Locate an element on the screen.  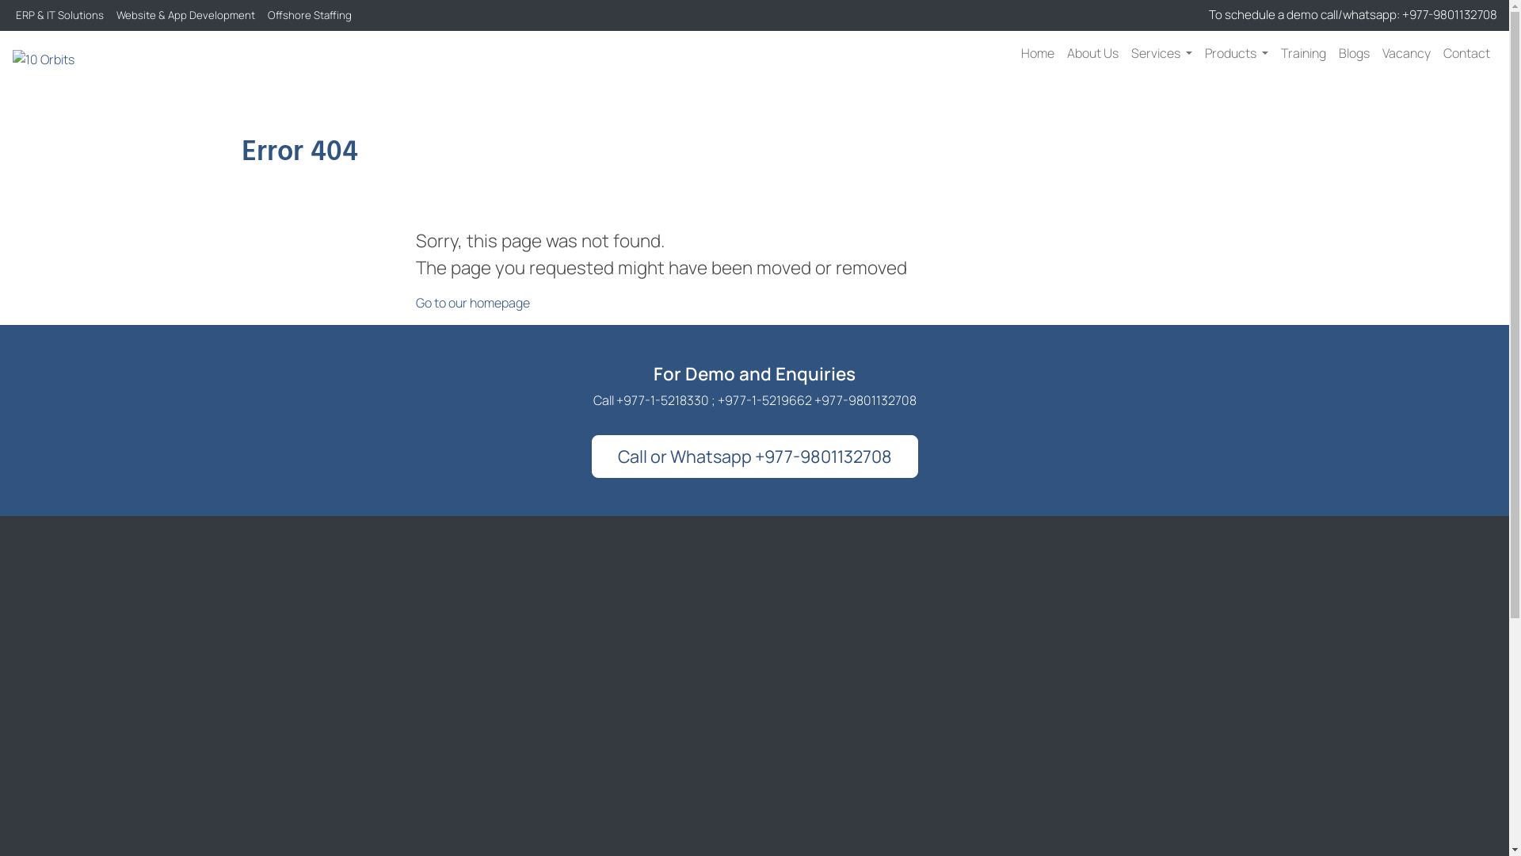
'Contact' is located at coordinates (1466, 52).